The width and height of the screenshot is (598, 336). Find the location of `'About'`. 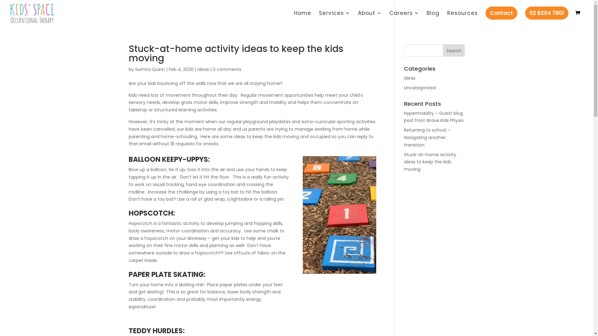

'About' is located at coordinates (369, 18).